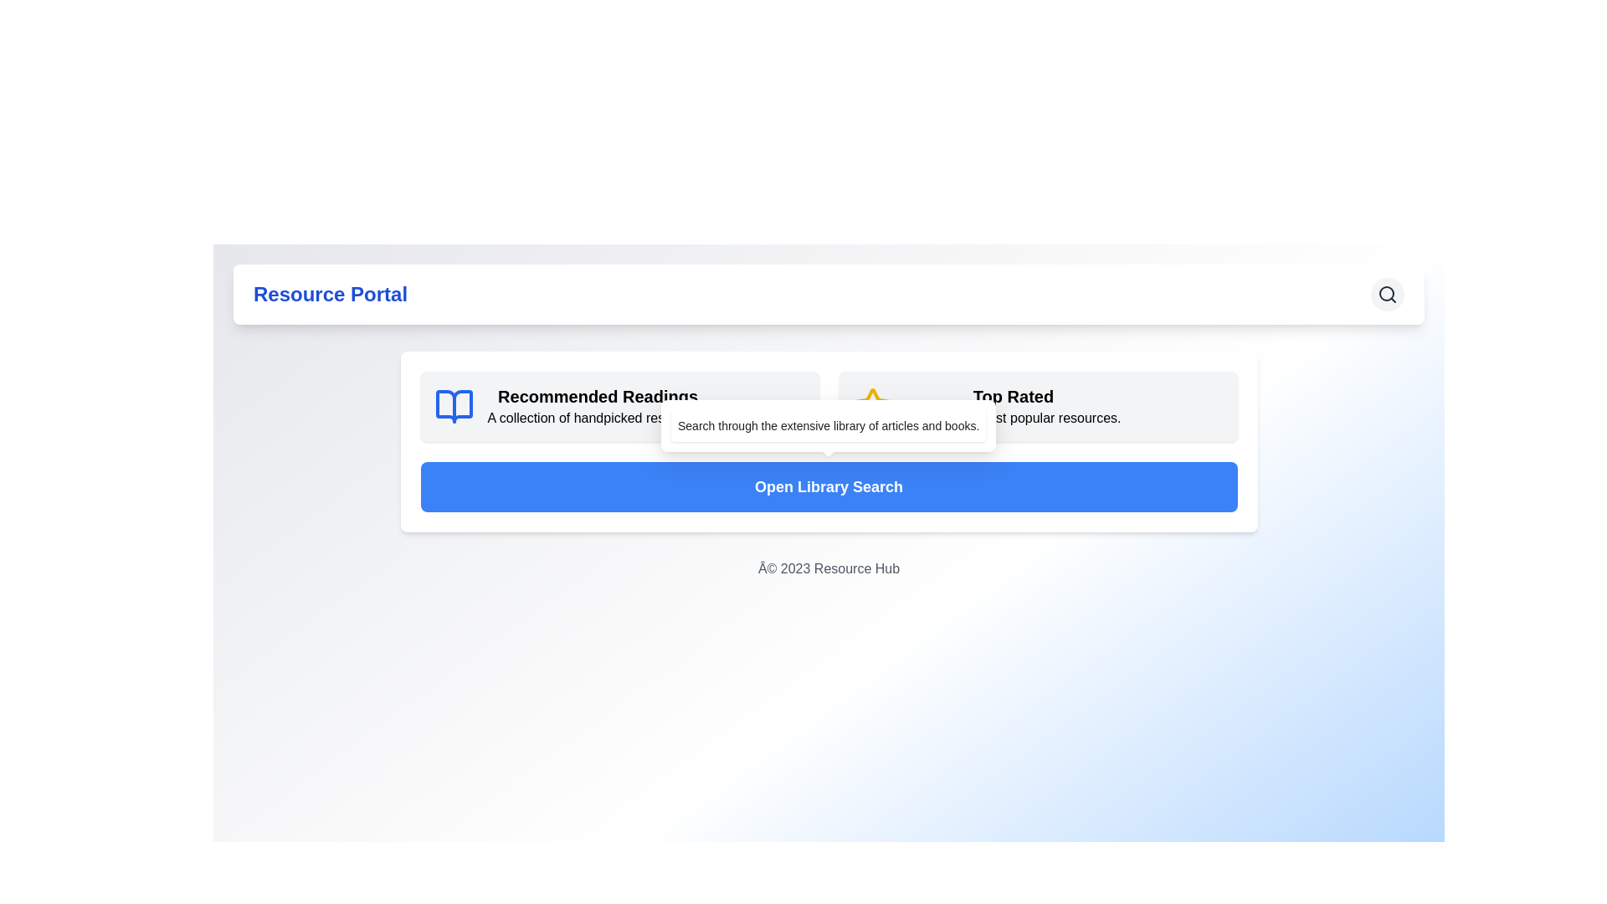  What do you see at coordinates (1012, 407) in the screenshot?
I see `the 'Top Rated' information block` at bounding box center [1012, 407].